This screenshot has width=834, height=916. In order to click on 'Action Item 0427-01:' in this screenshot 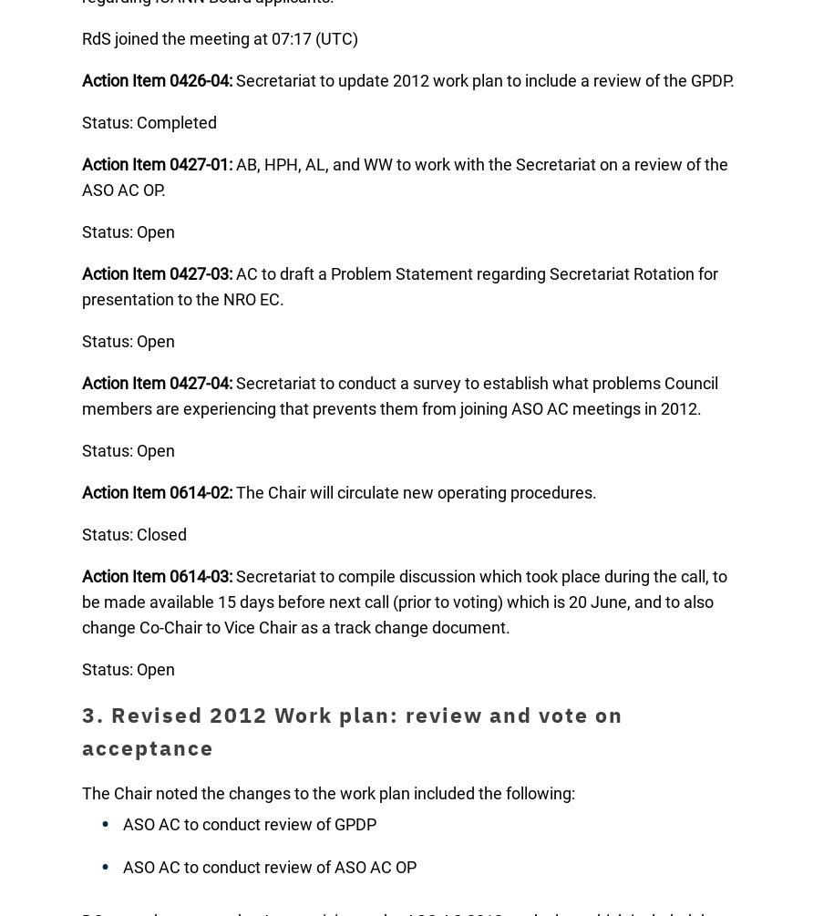, I will do `click(156, 163)`.